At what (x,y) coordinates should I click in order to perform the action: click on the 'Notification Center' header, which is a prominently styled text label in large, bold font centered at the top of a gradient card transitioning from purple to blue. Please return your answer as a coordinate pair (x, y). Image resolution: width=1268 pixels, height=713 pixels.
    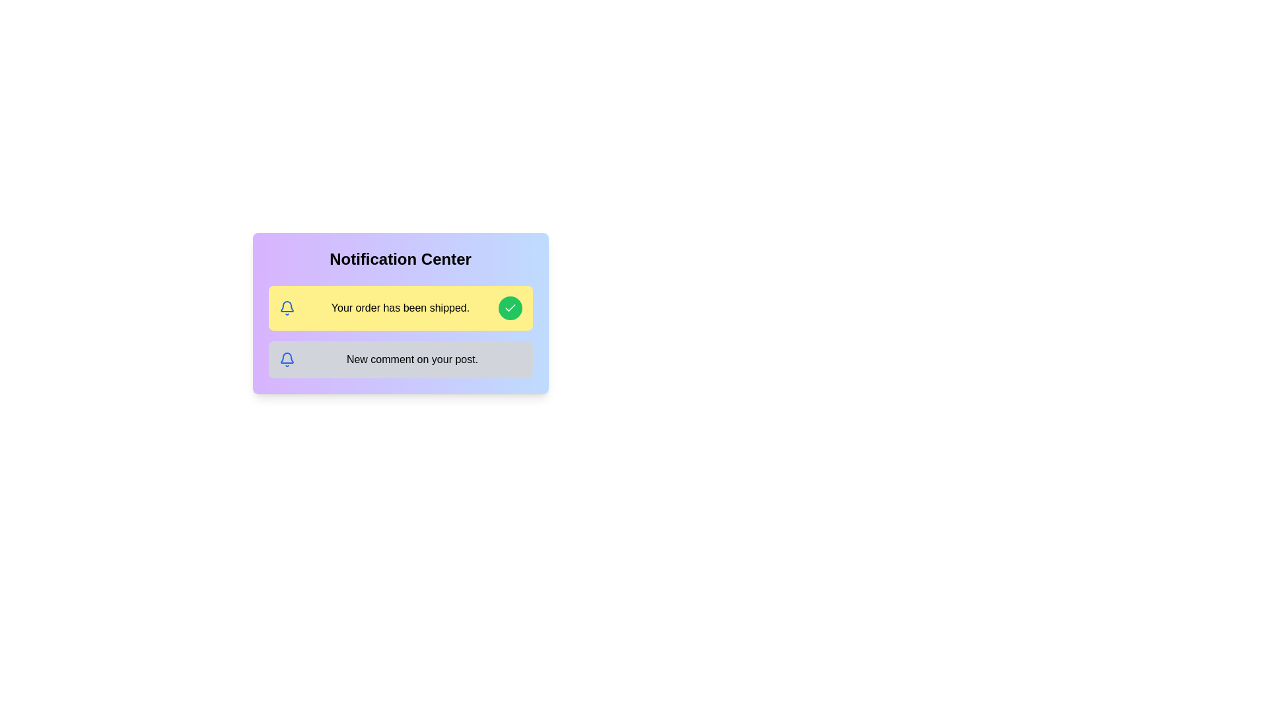
    Looking at the image, I should click on (400, 259).